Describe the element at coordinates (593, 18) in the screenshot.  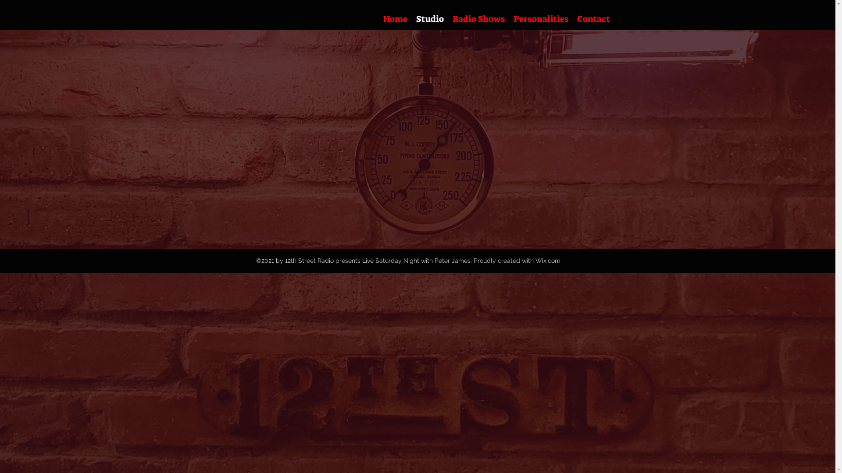
I see `'Contact'` at that location.